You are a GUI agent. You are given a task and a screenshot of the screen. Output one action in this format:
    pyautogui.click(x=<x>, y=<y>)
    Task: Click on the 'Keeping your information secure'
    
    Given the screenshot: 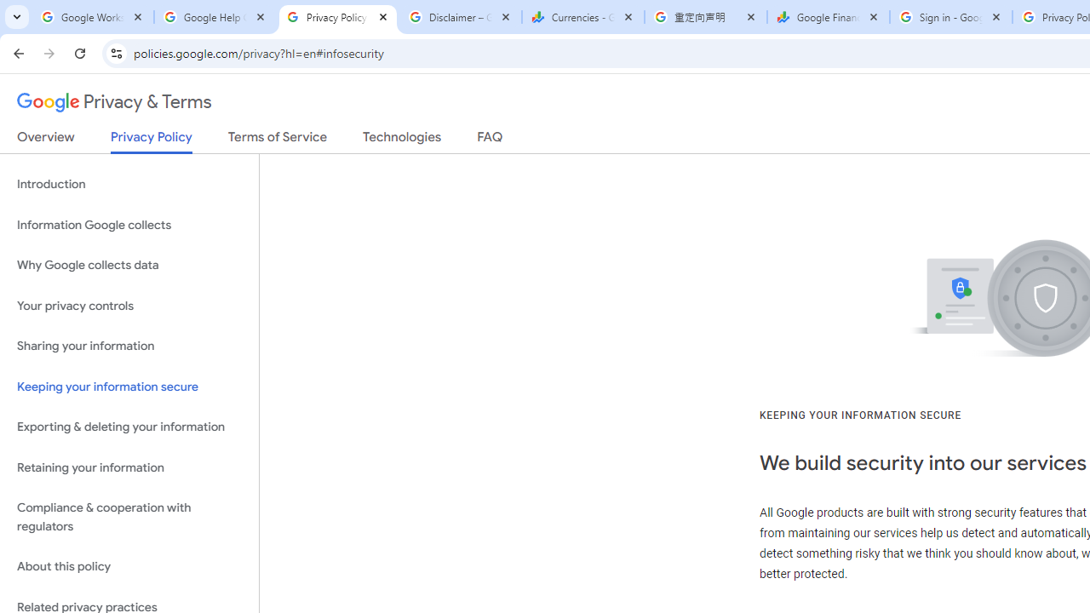 What is the action you would take?
    pyautogui.click(x=129, y=387)
    